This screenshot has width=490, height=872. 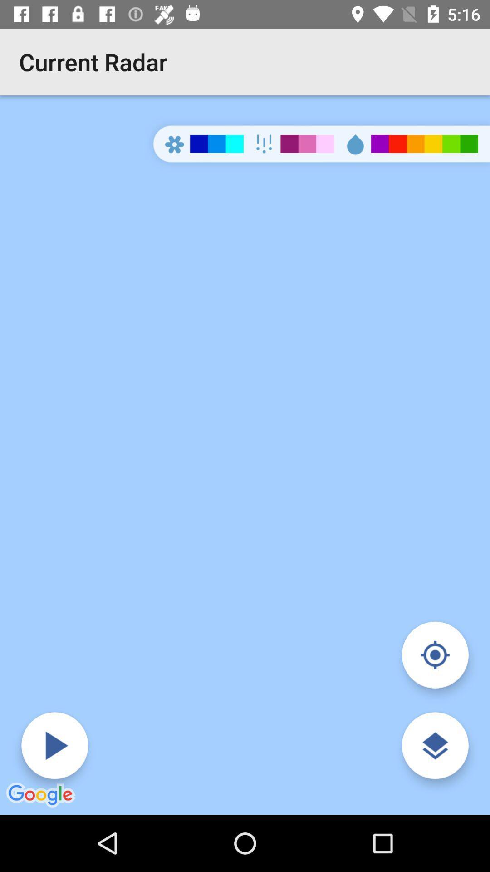 I want to click on the location_crosshair icon, so click(x=435, y=655).